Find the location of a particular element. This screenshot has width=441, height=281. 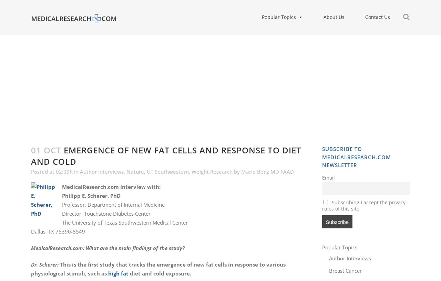

'Subscribe to MedicalResearch.com Newsletter' is located at coordinates (357, 157).